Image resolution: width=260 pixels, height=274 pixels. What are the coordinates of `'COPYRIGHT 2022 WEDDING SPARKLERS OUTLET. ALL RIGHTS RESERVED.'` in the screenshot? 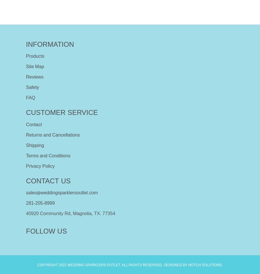 It's located at (100, 264).